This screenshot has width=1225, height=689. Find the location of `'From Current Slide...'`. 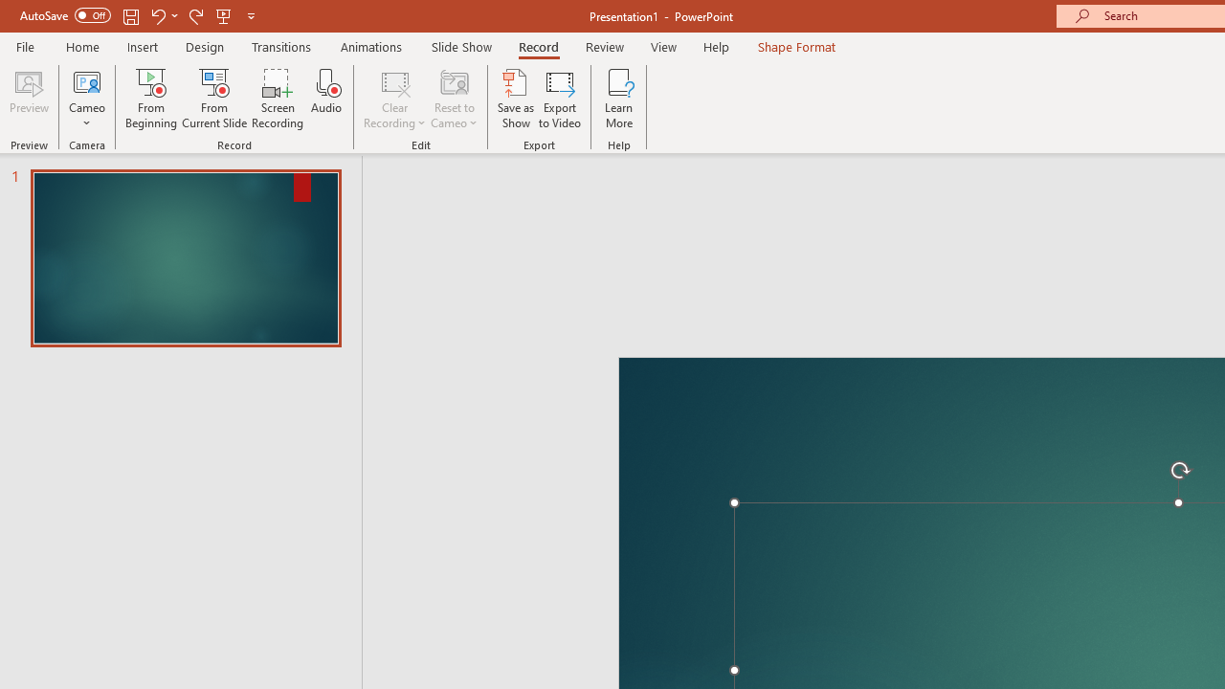

'From Current Slide...' is located at coordinates (214, 99).